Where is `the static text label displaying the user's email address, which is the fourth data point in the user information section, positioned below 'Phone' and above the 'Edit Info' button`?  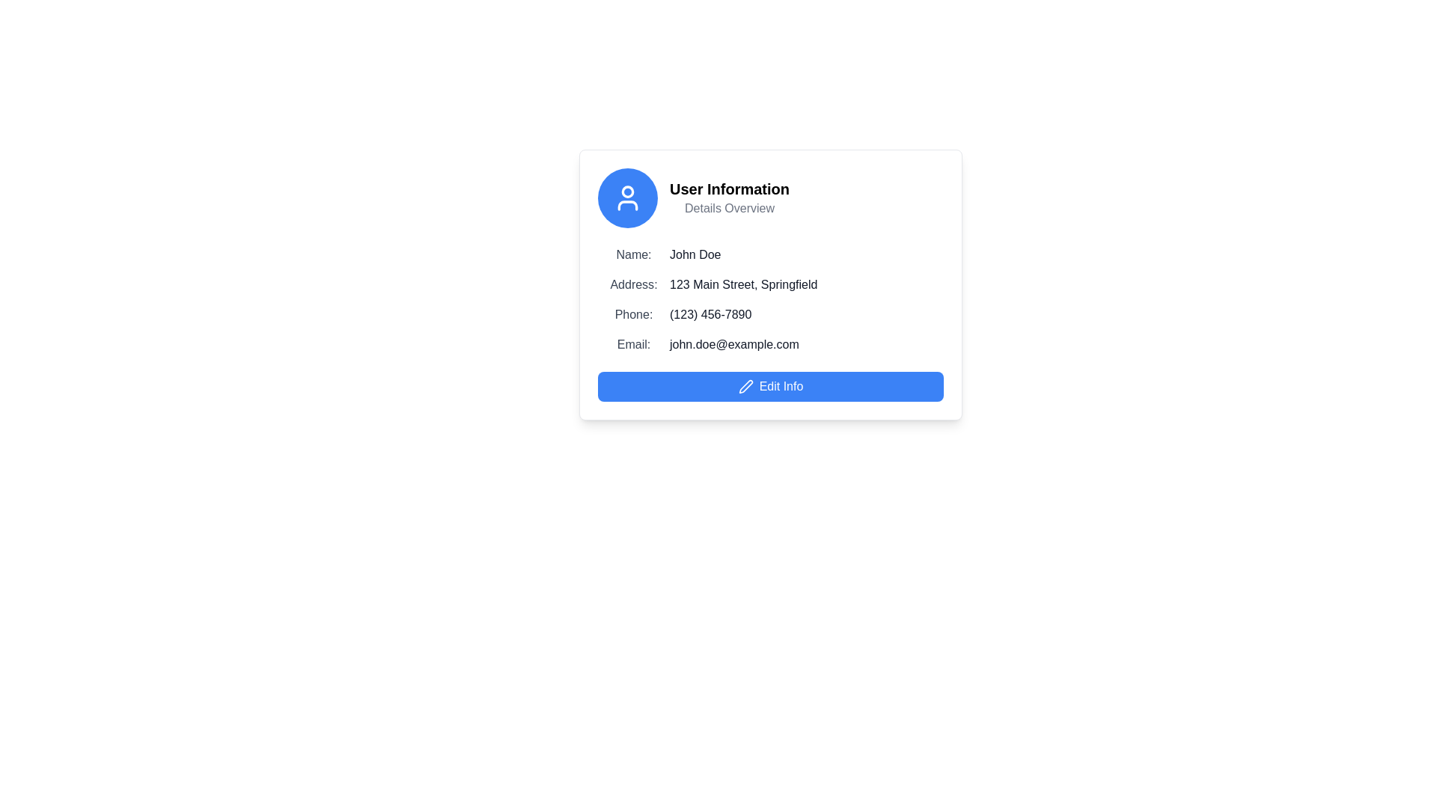
the static text label displaying the user's email address, which is the fourth data point in the user information section, positioned below 'Phone' and above the 'Edit Info' button is located at coordinates (771, 345).